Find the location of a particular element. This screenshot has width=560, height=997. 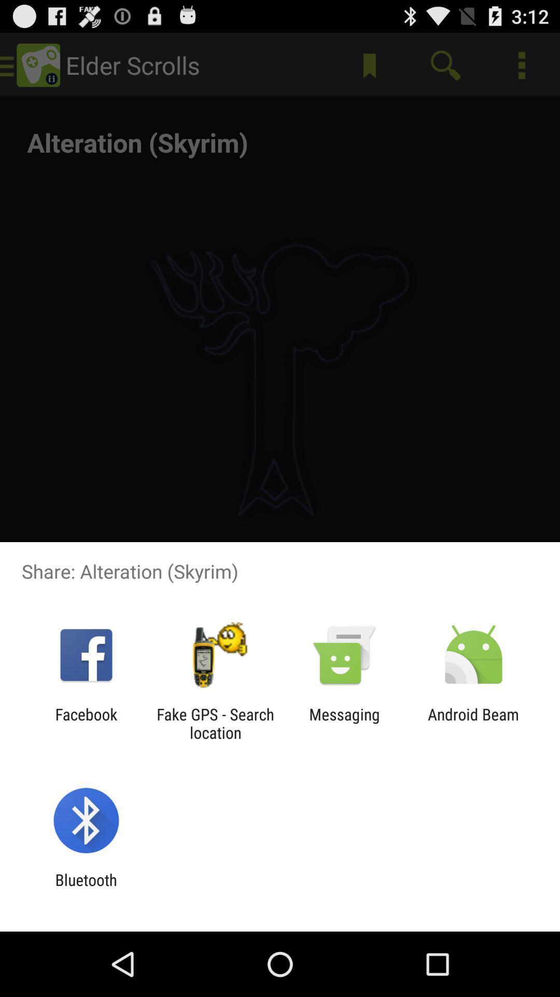

the item next to messaging app is located at coordinates (215, 723).